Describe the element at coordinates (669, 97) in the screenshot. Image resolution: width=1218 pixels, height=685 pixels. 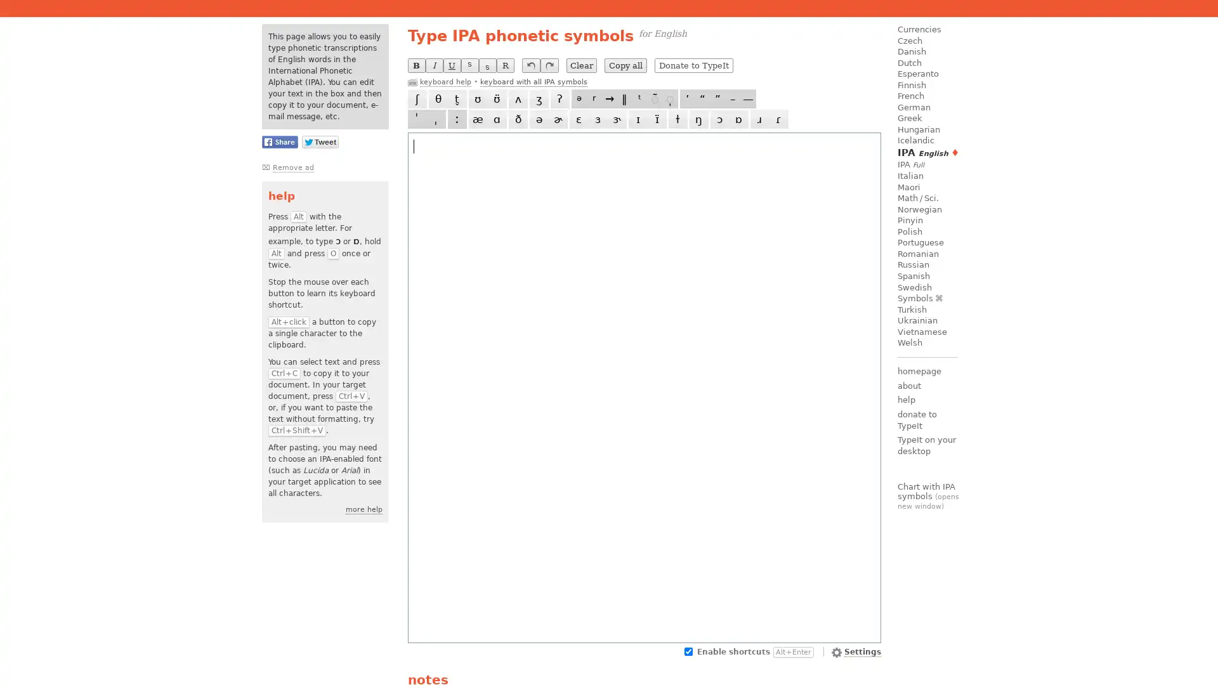
I see `syllabic (Alt+Shift+I)` at that location.